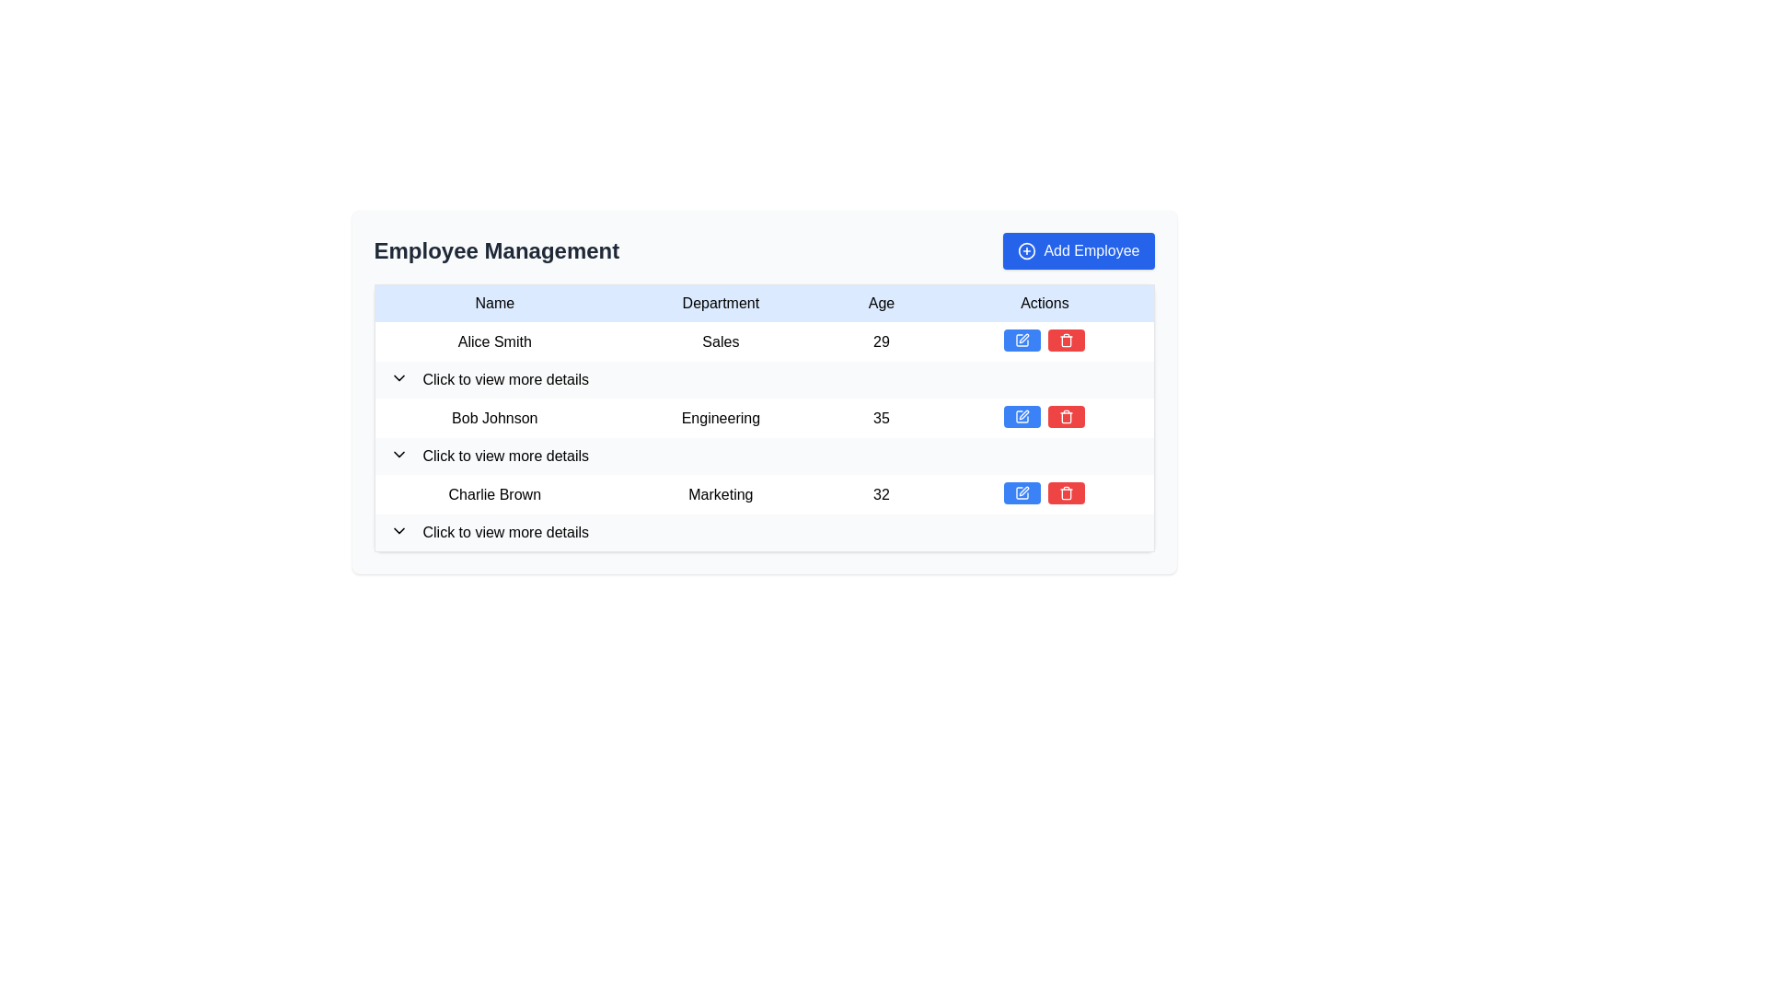 The width and height of the screenshot is (1767, 994). I want to click on the trash can icon in the Actions column of Bob Johnson's row, so click(1067, 418).